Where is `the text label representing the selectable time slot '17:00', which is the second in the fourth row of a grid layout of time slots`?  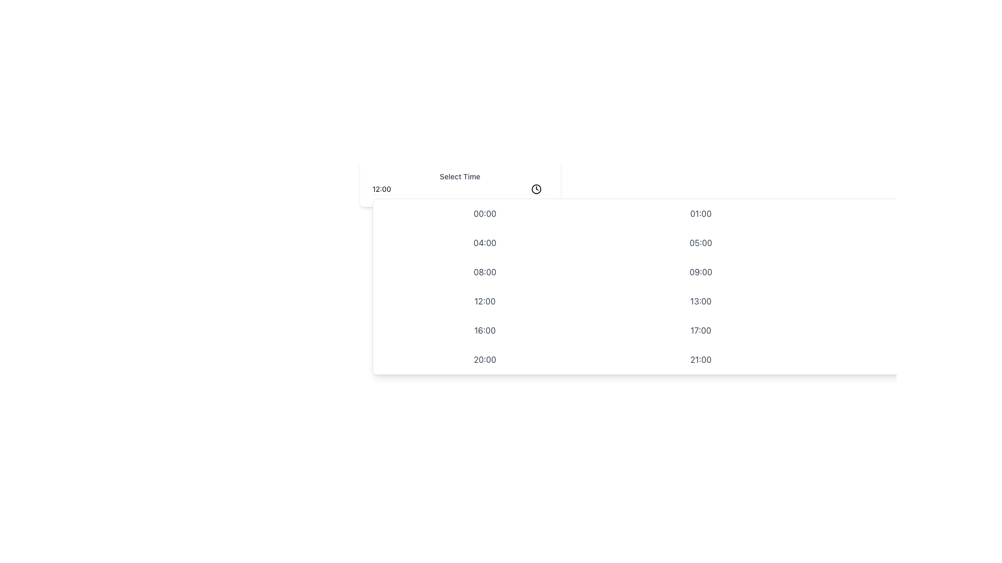
the text label representing the selectable time slot '17:00', which is the second in the fourth row of a grid layout of time slots is located at coordinates (701, 330).